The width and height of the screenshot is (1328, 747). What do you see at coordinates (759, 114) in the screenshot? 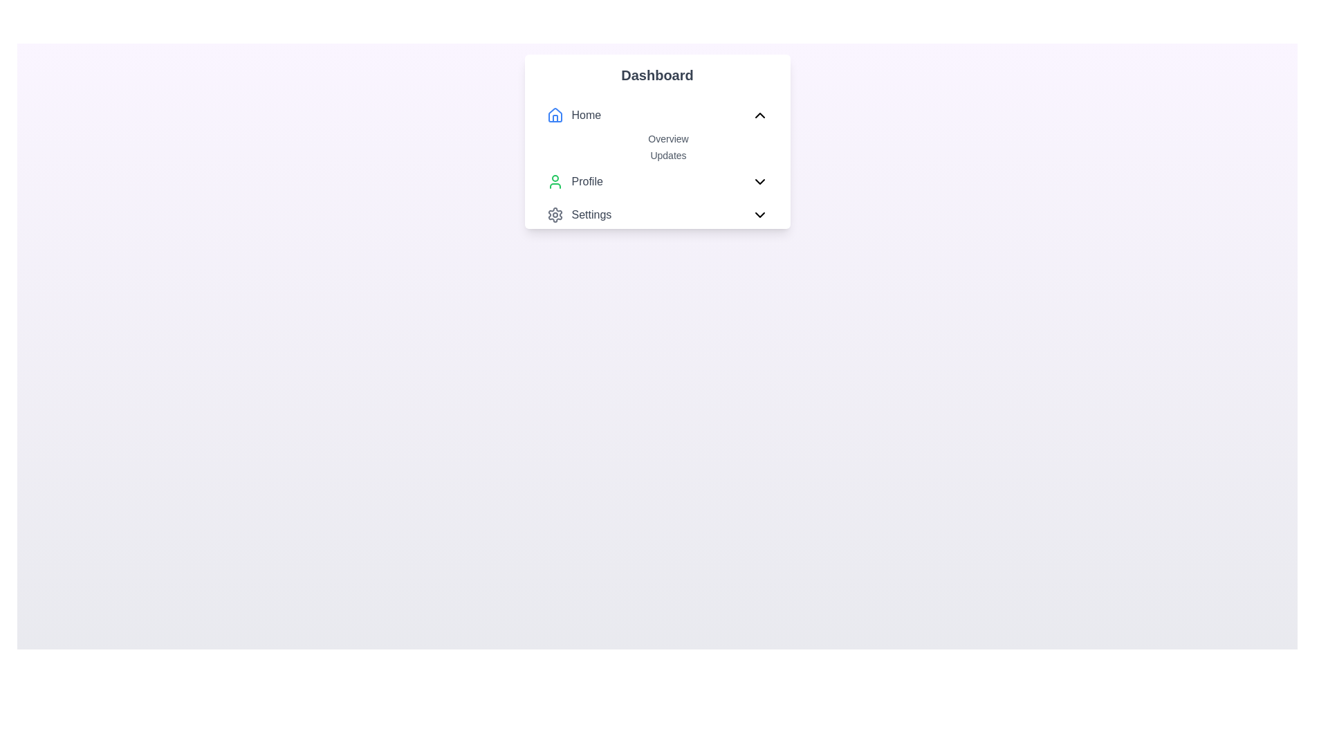
I see `the toggle icon located to the right of the 'Home' label in the navigation menu` at bounding box center [759, 114].